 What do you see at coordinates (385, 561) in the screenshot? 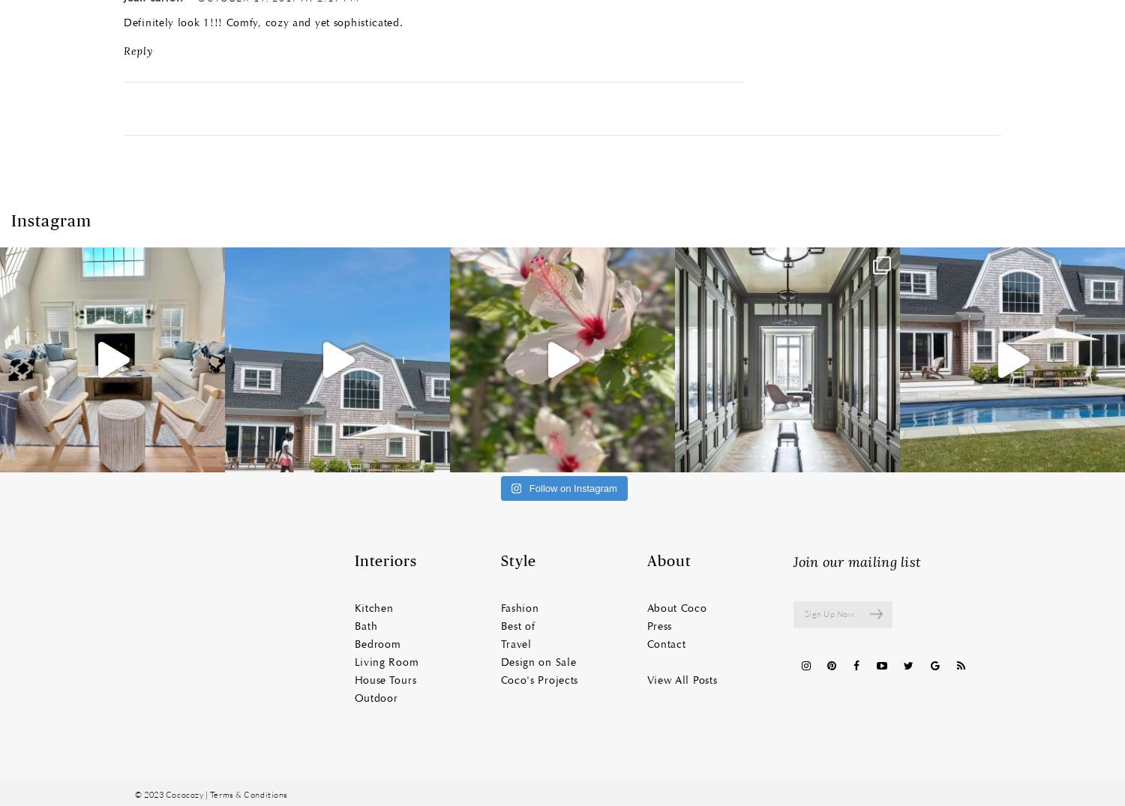
I see `'Interiors'` at bounding box center [385, 561].